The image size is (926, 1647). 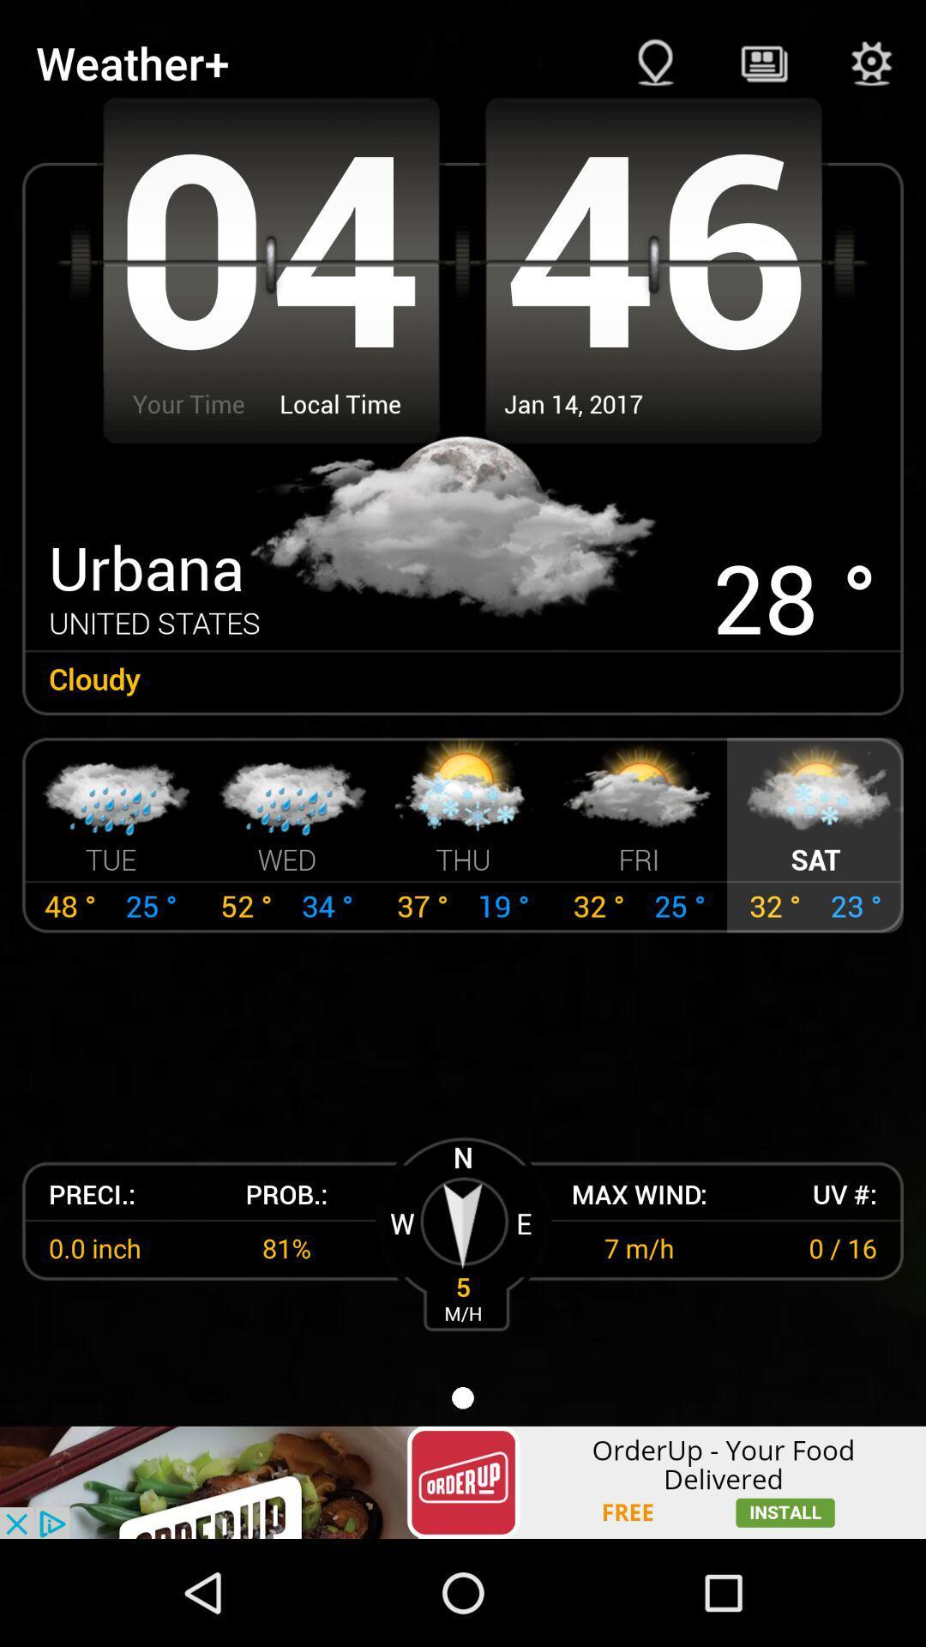 I want to click on advertisement page, so click(x=463, y=1481).